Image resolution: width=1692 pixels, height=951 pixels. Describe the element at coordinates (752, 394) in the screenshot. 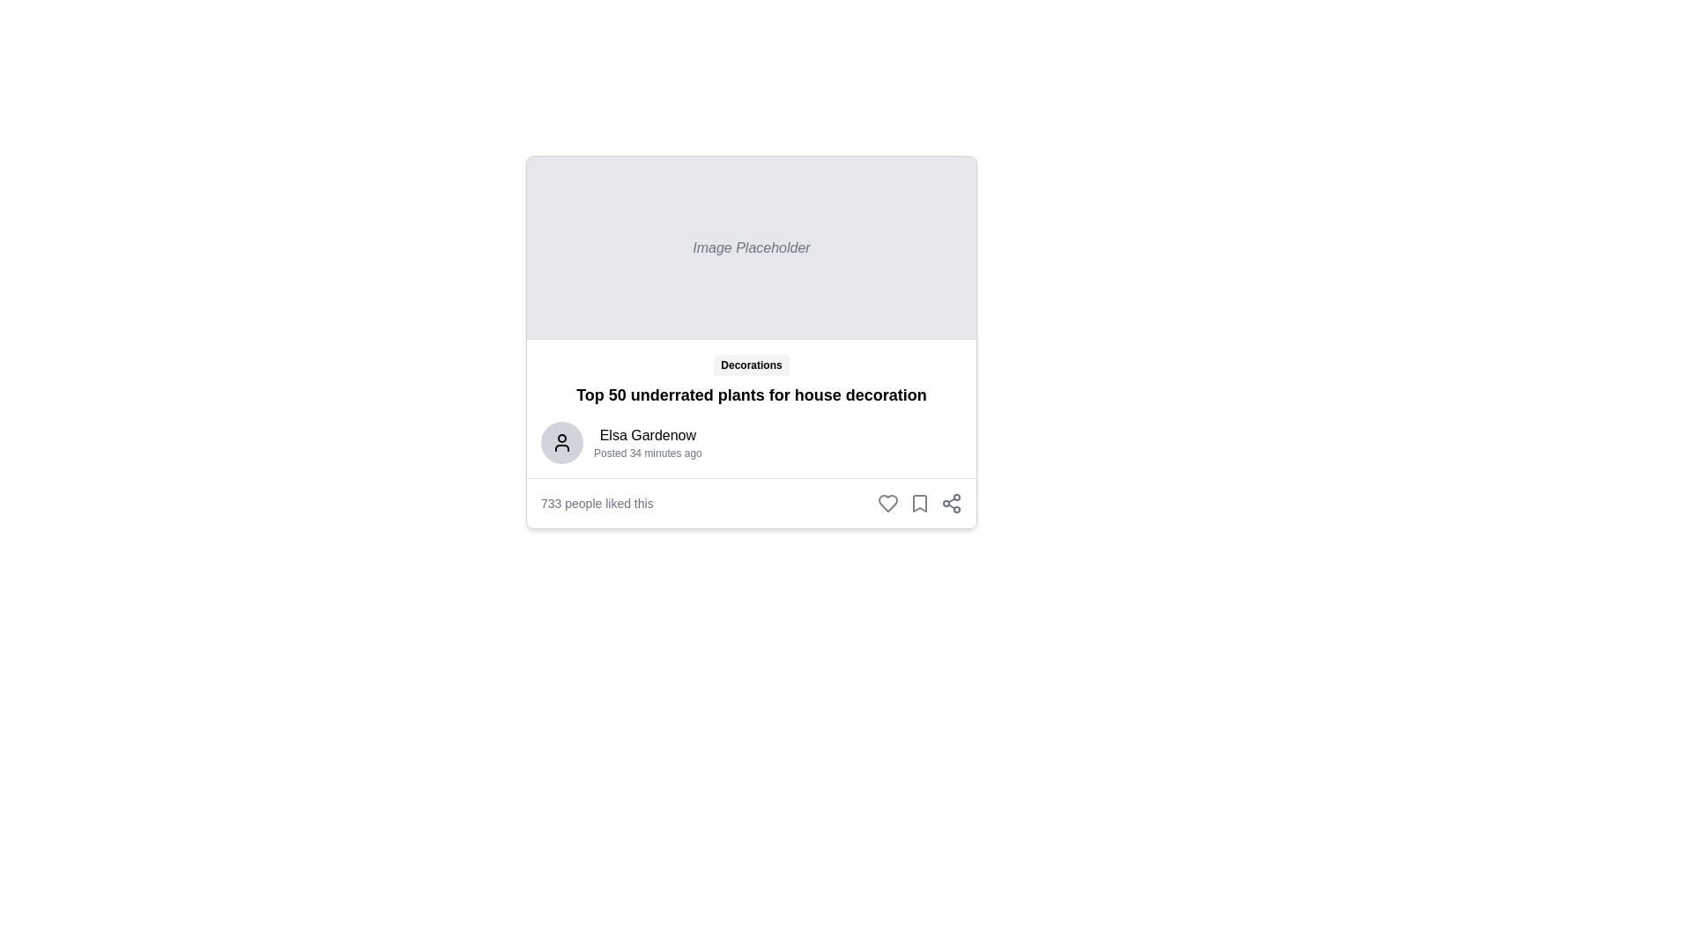

I see `the Text heading element that indicates the main content or title of the section, located below 'Decorations' and above the author details 'Elsa Gardenow Posted 34 minutes ago'` at that location.